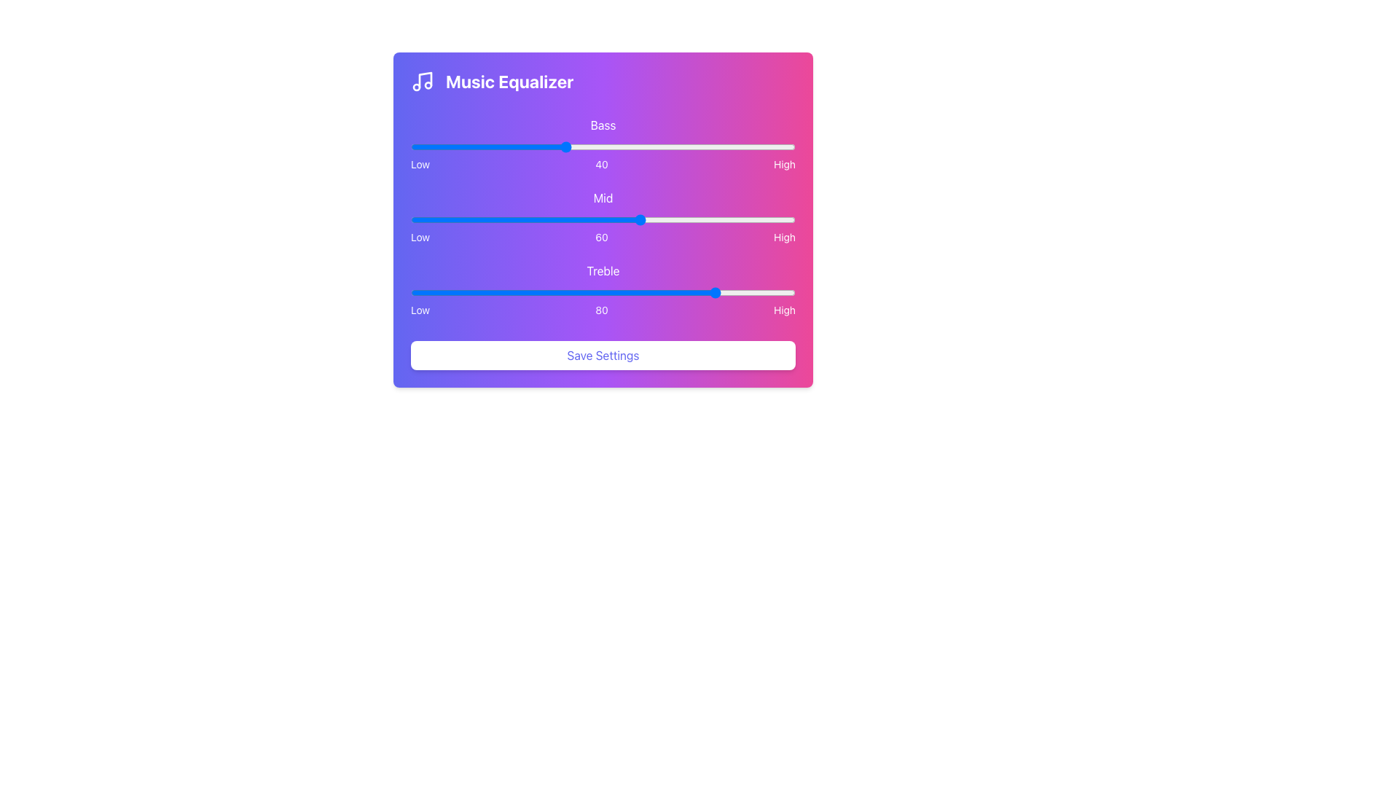  I want to click on the bass level, so click(495, 146).